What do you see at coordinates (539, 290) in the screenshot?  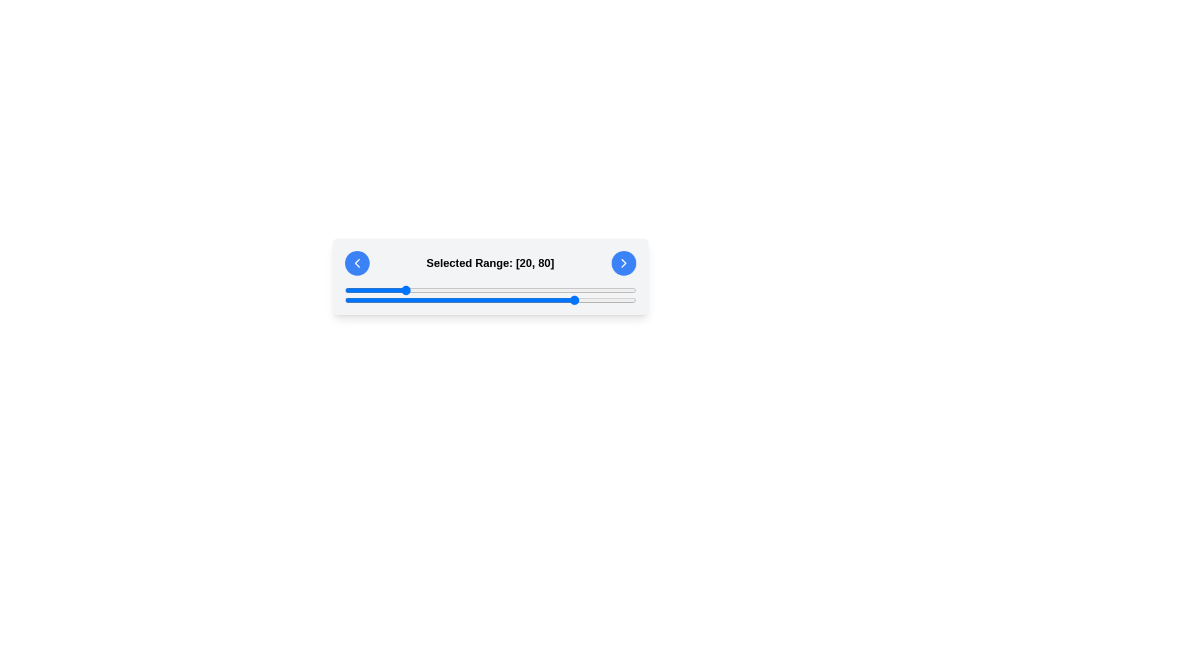 I see `slider value` at bounding box center [539, 290].